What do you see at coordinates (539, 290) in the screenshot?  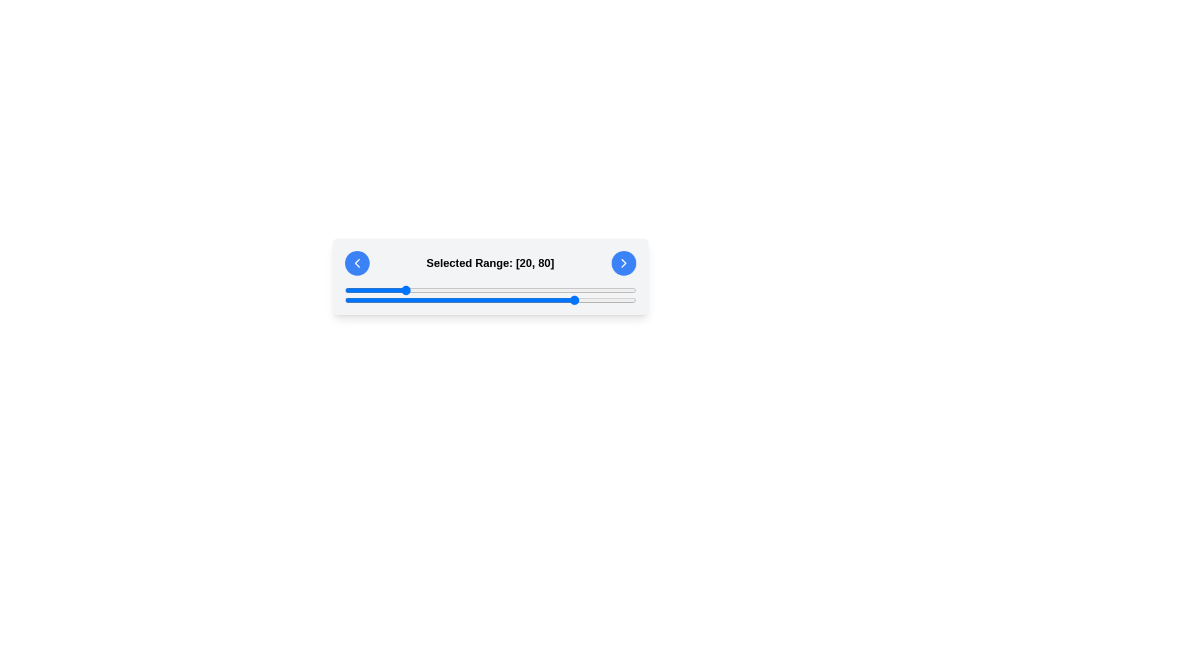 I see `slider value` at bounding box center [539, 290].